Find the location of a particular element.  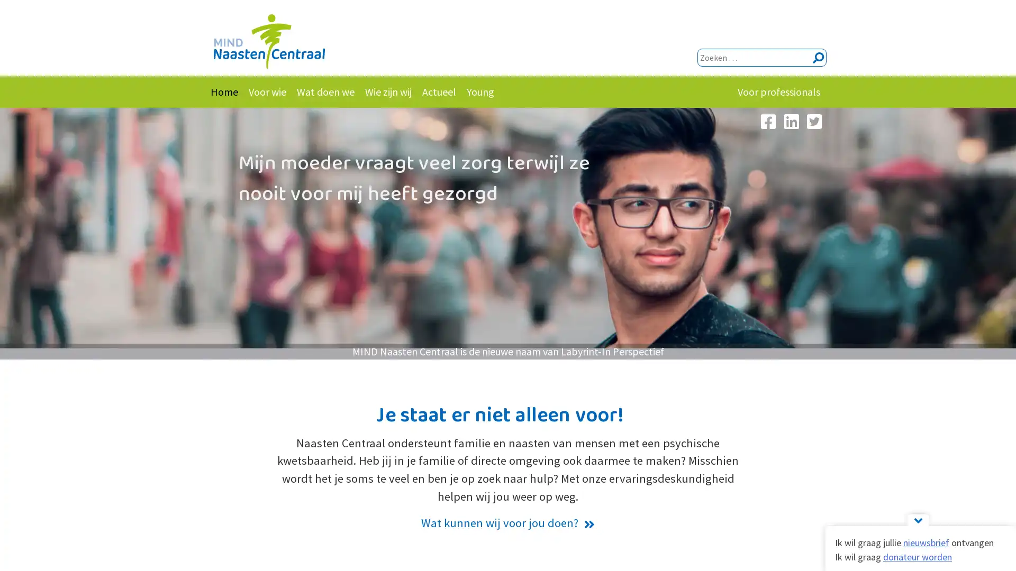

x is located at coordinates (817, 58).